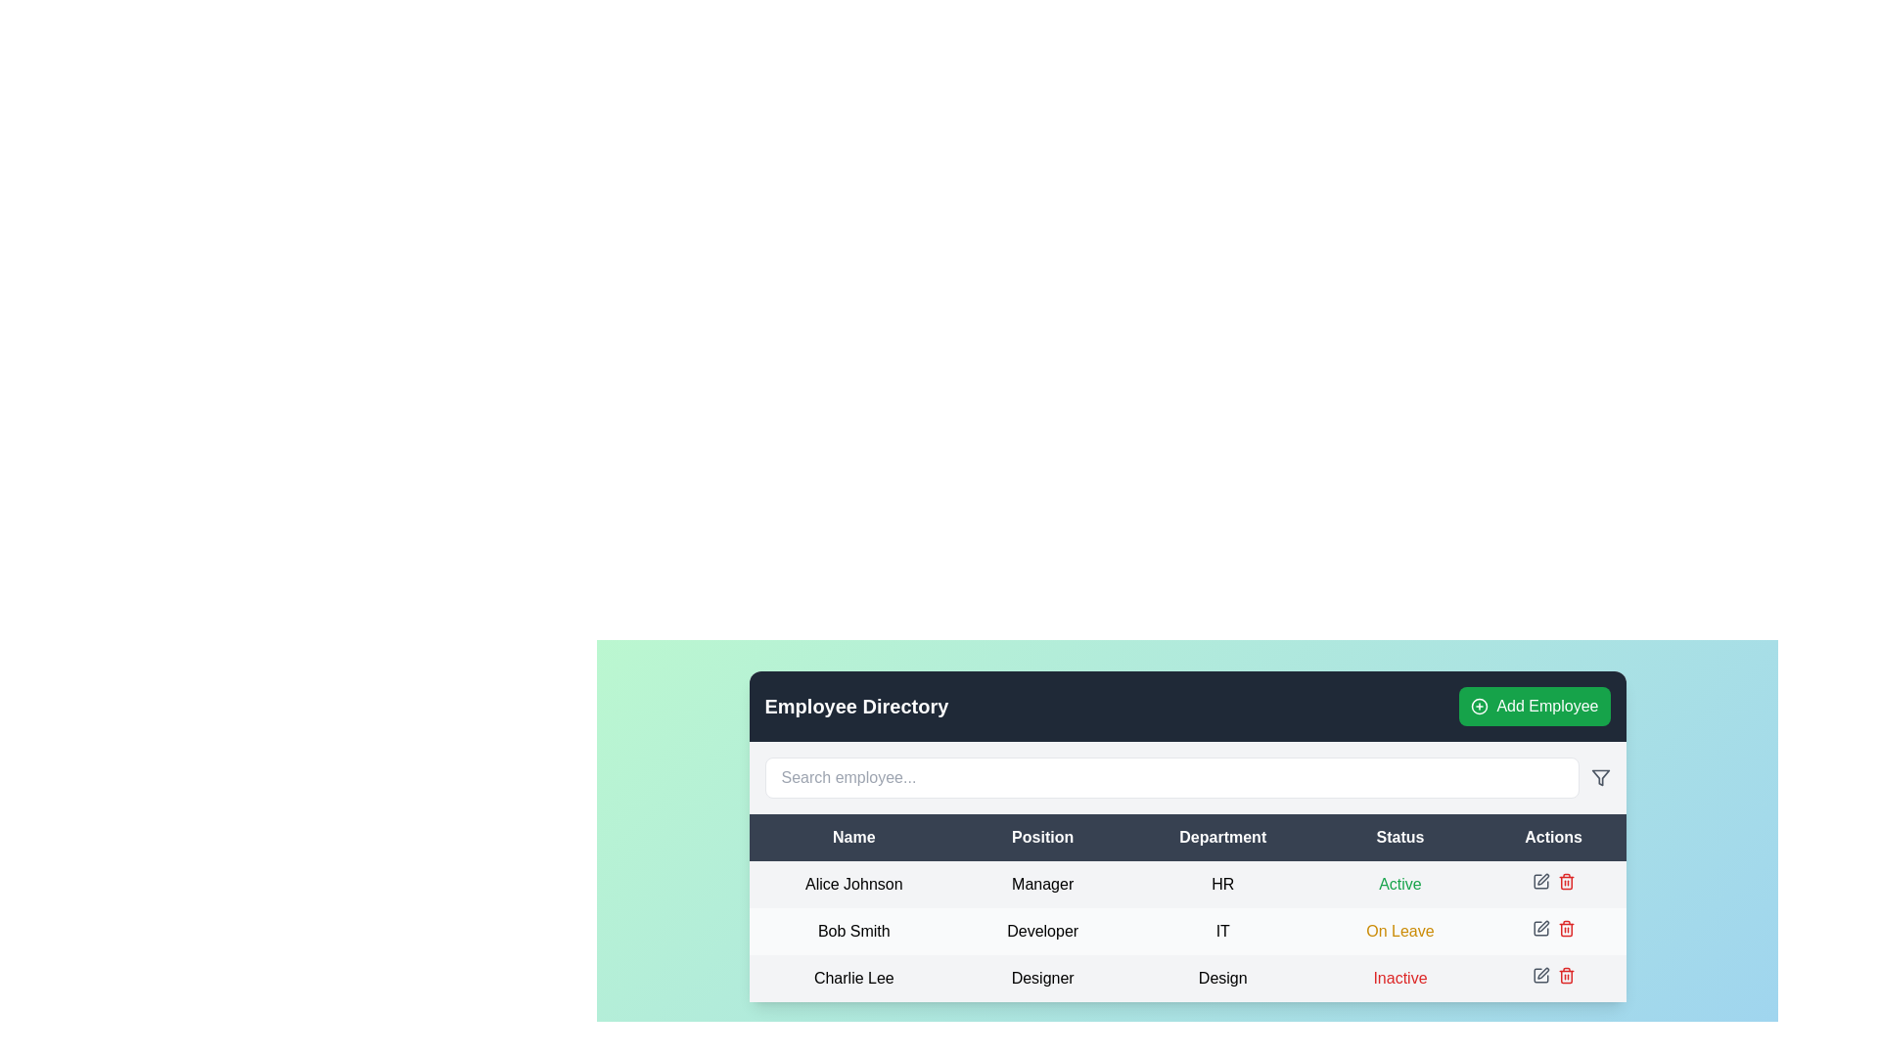 Image resolution: width=1879 pixels, height=1057 pixels. Describe the element at coordinates (1480, 706) in the screenshot. I see `the circular green icon with a plus sign located next to the 'Add Employee' text in the top-right corner of the employee directory box` at that location.